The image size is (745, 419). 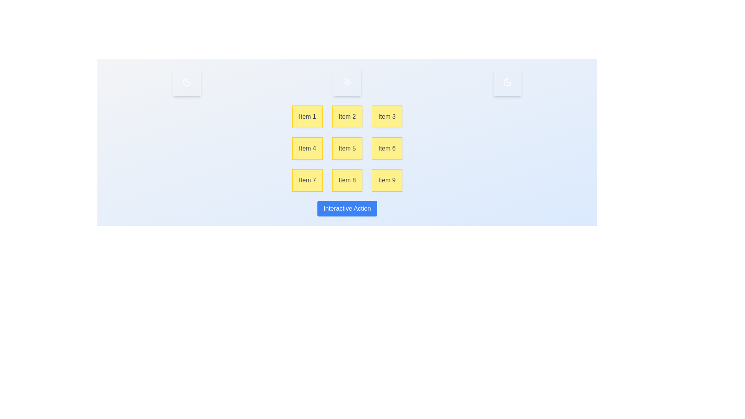 I want to click on the circular sun-like button with a white design against a blue background, so click(x=347, y=82).